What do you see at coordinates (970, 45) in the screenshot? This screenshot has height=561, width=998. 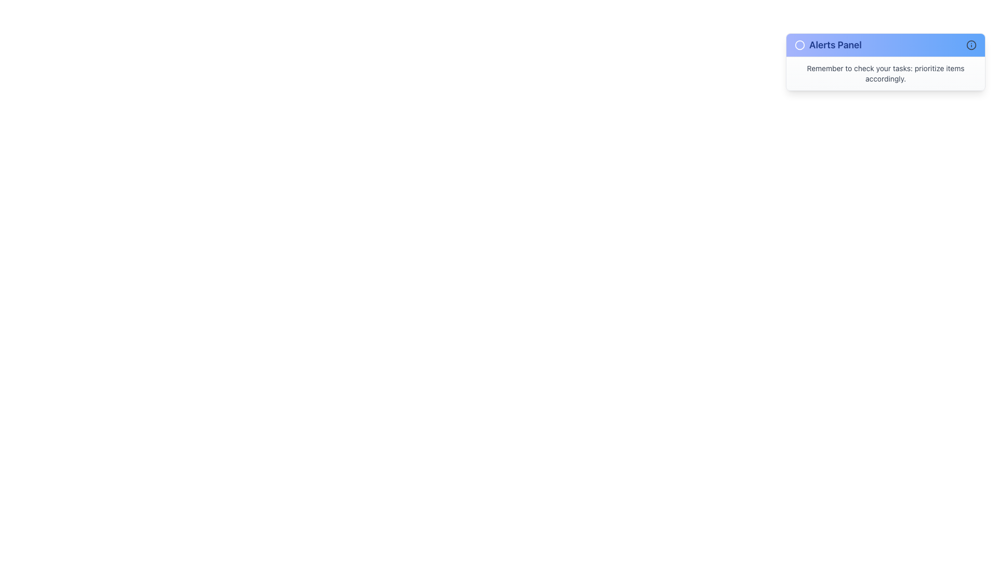 I see `the informational tooltip icon located in the top-right corner of the 'Alerts Panel' header` at bounding box center [970, 45].